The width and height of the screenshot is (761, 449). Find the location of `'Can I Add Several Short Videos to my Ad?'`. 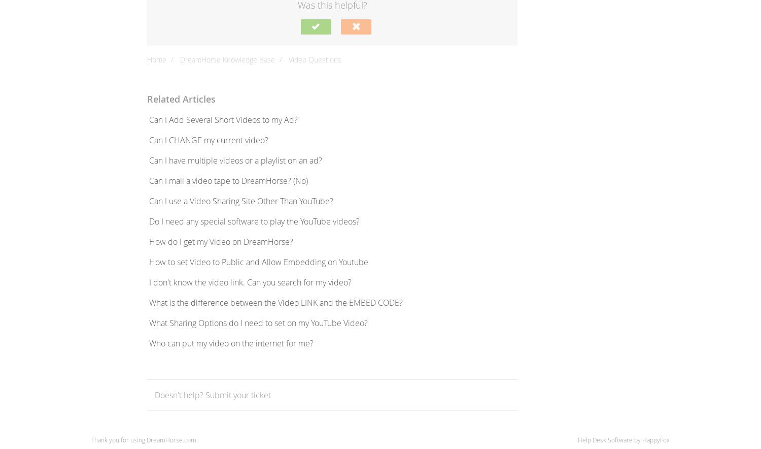

'Can I Add Several Short Videos to my Ad?' is located at coordinates (149, 120).